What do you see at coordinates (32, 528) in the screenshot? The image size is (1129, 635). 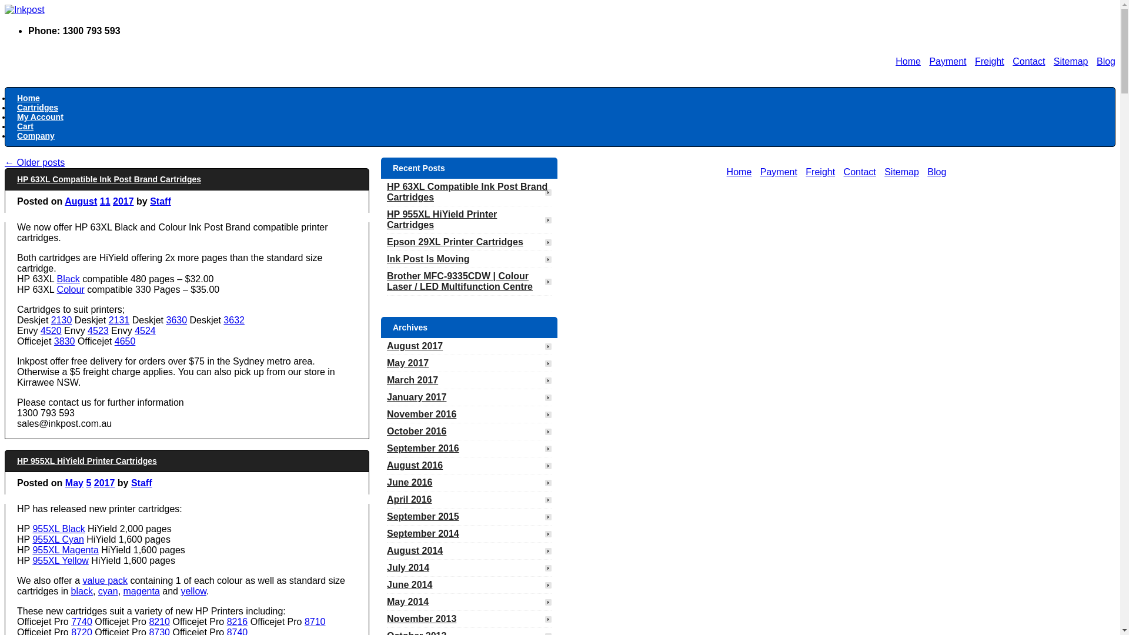 I see `'955XL Black'` at bounding box center [32, 528].